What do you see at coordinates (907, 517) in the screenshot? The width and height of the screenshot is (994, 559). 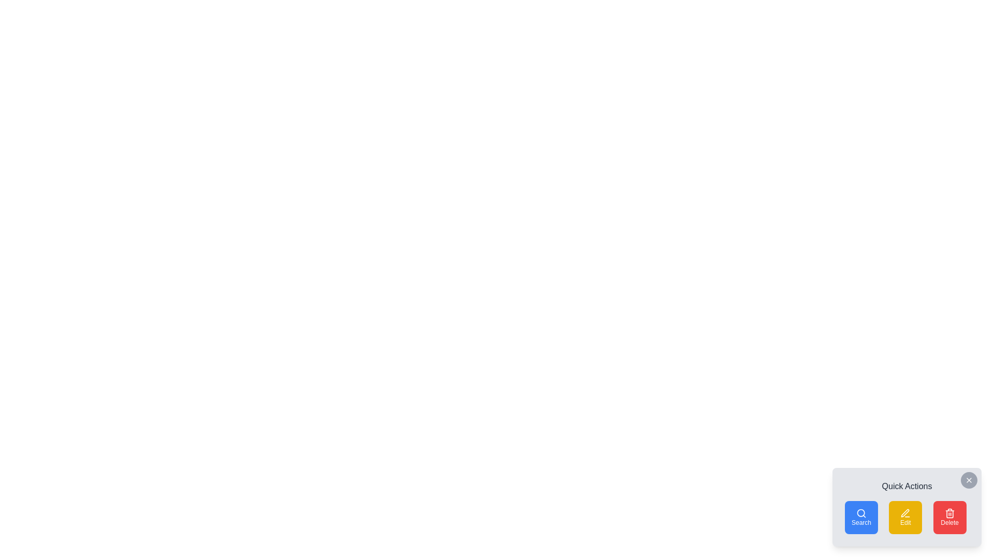 I see `the 'Edit' button located in the middle of a 'Quick Actions' panel at the bottom-right corner of the interface` at bounding box center [907, 517].